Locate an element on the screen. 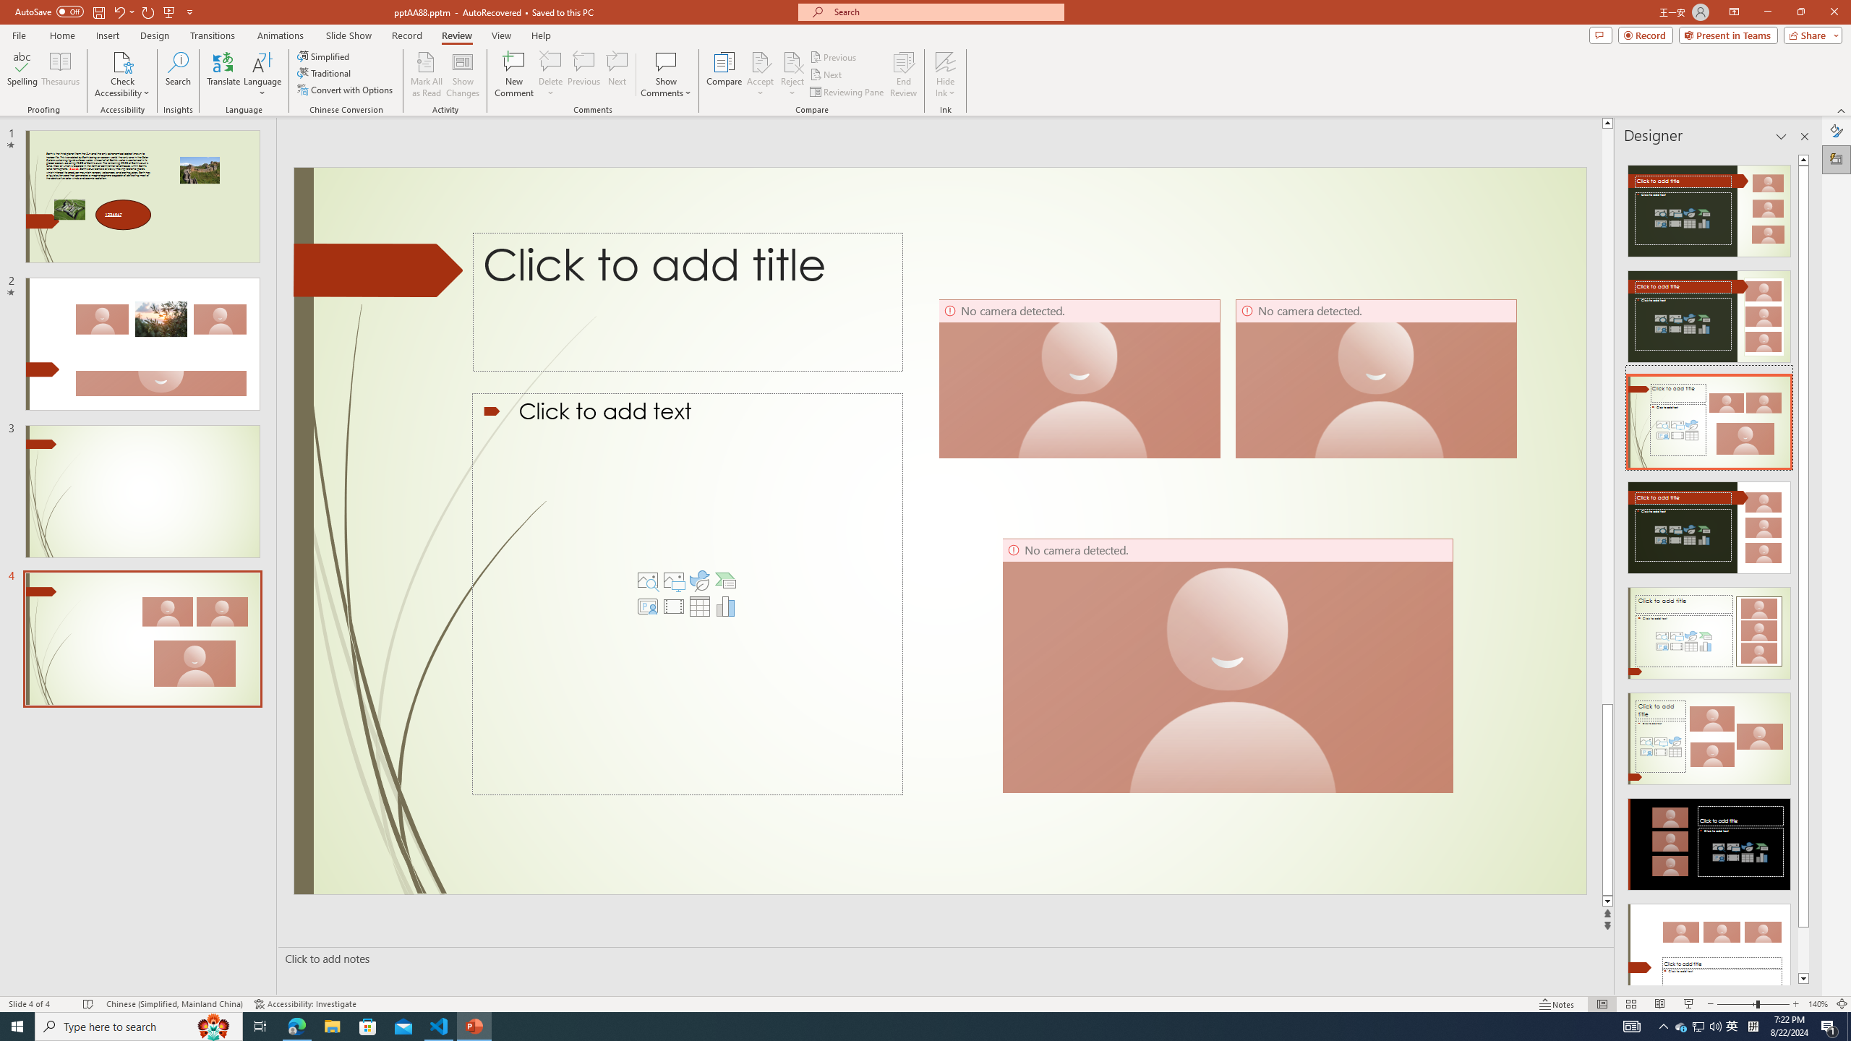 This screenshot has height=1041, width=1851. 'Class: NetUIScrollBar' is located at coordinates (1803, 568).